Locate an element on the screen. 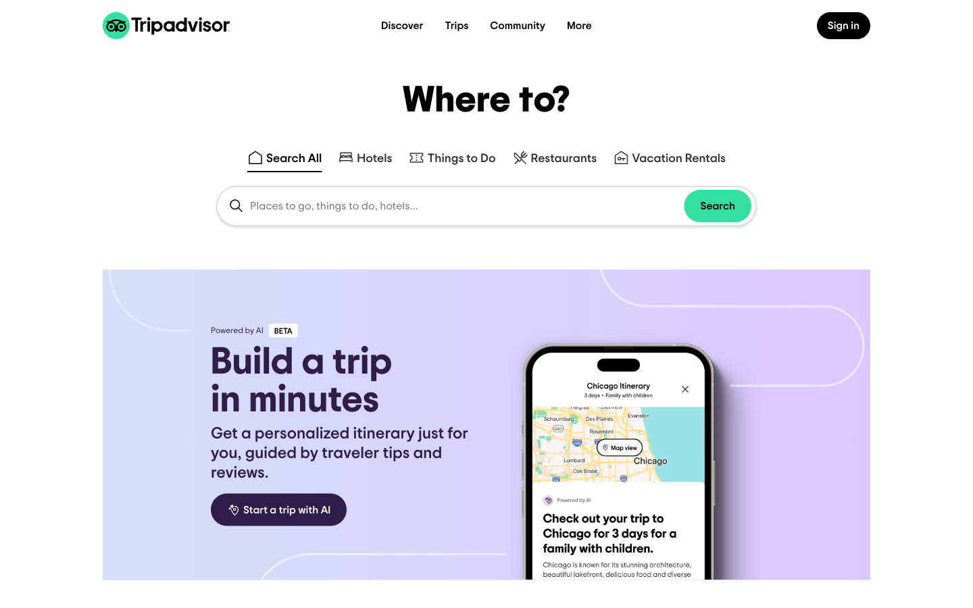 This screenshot has width=973, height=608. Type "Paris" in the search field and hit enter is located at coordinates (364, 153).